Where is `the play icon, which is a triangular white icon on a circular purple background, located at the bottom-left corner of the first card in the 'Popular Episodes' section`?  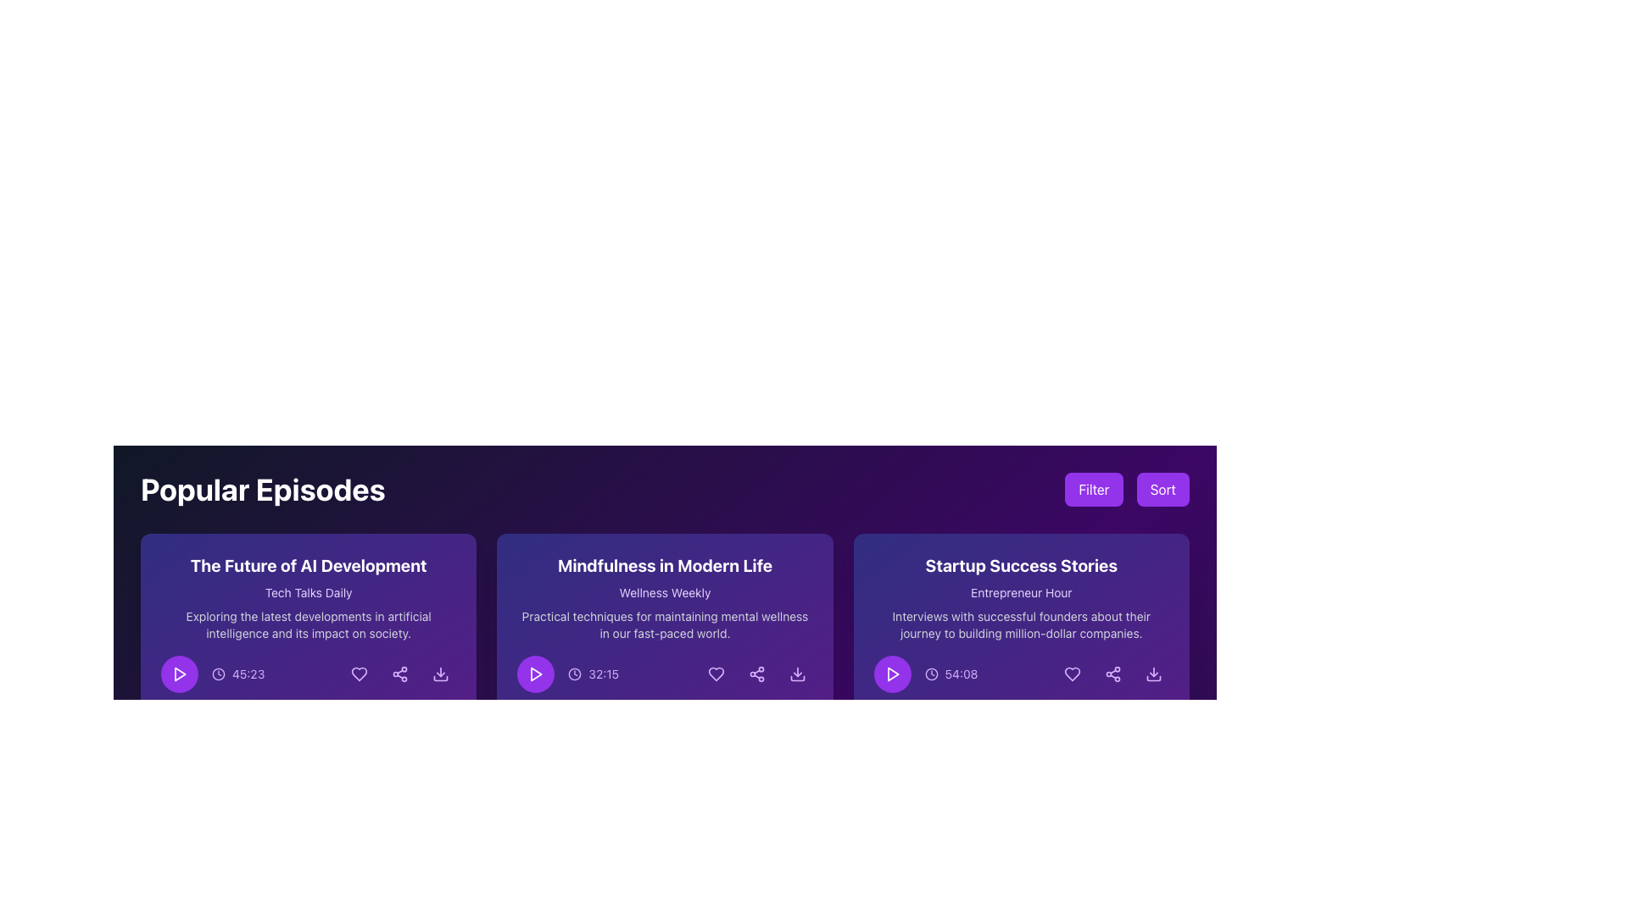 the play icon, which is a triangular white icon on a circular purple background, located at the bottom-left corner of the first card in the 'Popular Episodes' section is located at coordinates (180, 673).